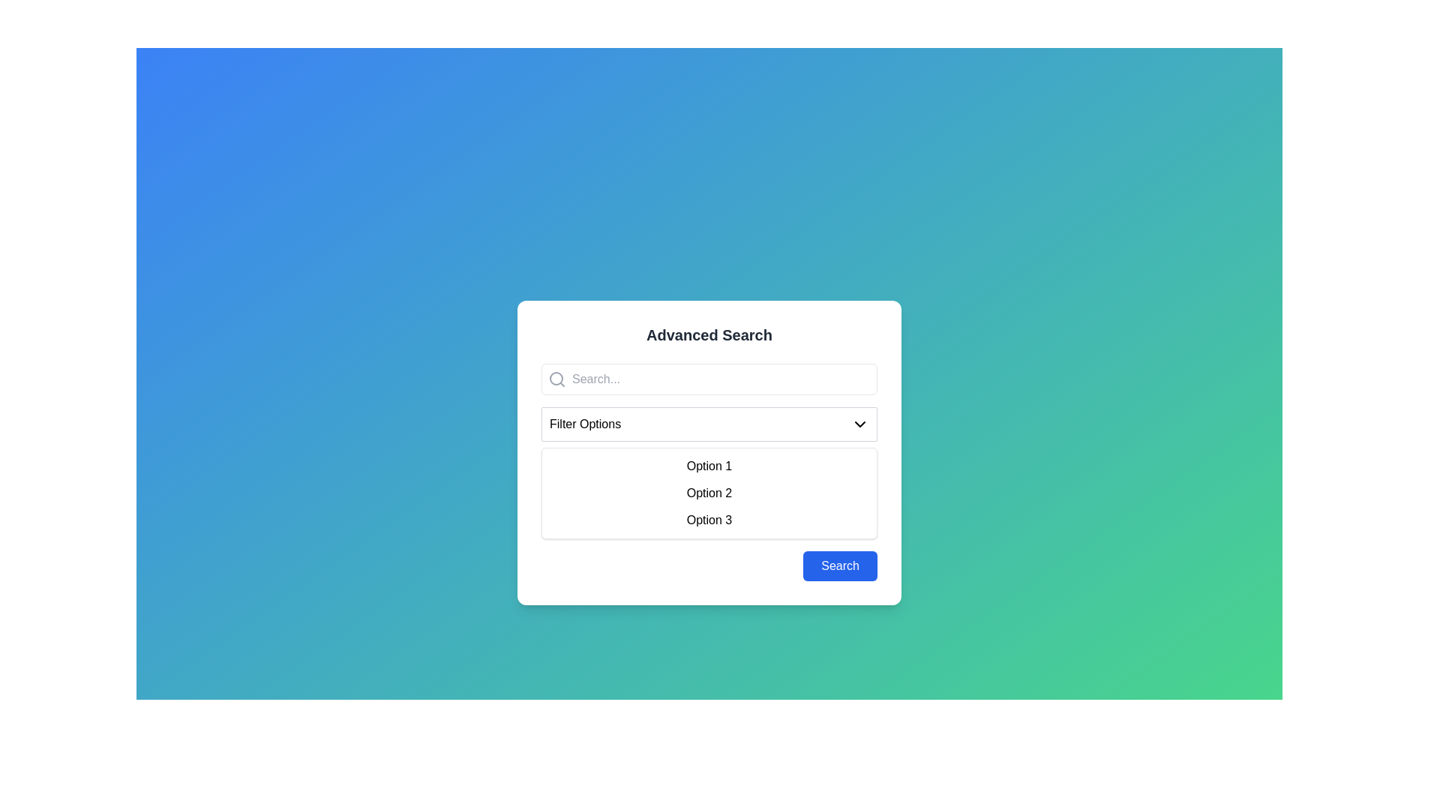 Image resolution: width=1440 pixels, height=810 pixels. What do you see at coordinates (708, 334) in the screenshot?
I see `prominently styled text label that says 'Advanced Search', which is bold and large-sized, located at the top of the section above the search bar and filter options` at bounding box center [708, 334].